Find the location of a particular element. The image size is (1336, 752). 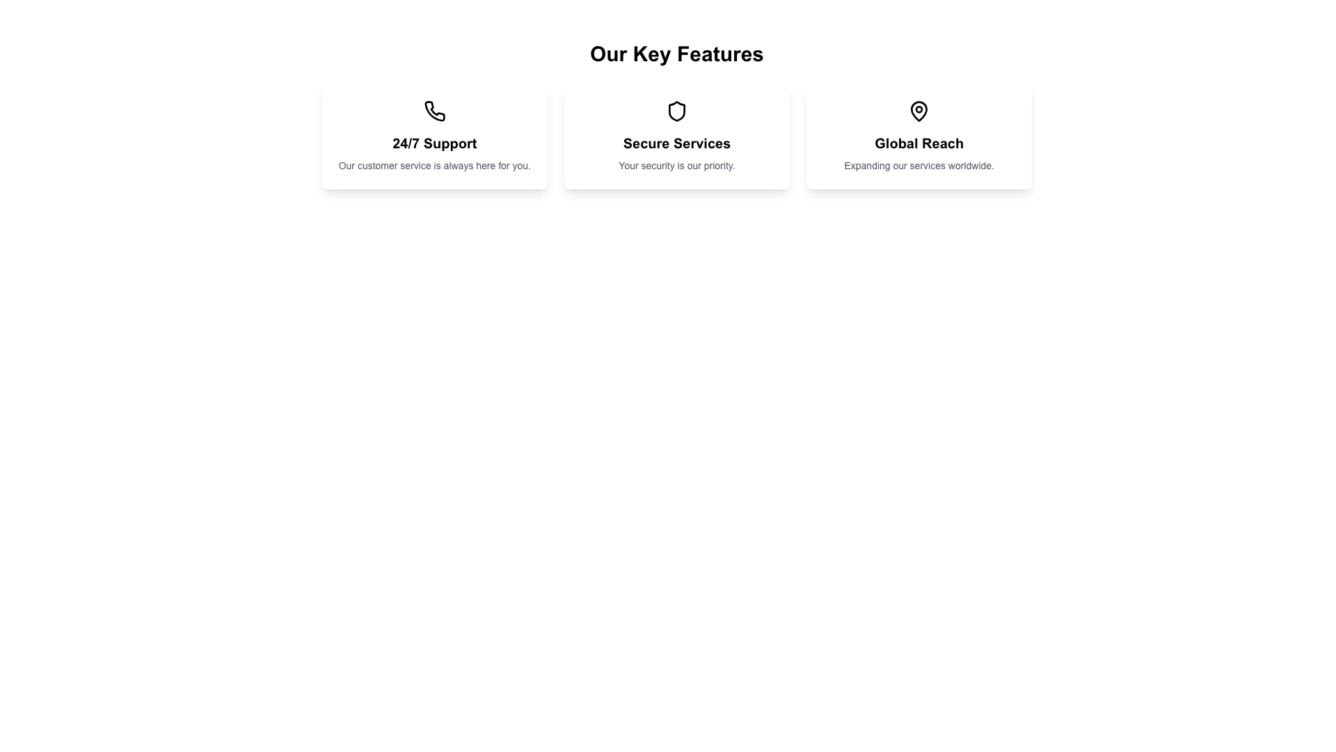

the informational card that highlights the commitment to user safety and security, located in the middle of three columns under the title 'Our Key Features' is located at coordinates (677, 136).